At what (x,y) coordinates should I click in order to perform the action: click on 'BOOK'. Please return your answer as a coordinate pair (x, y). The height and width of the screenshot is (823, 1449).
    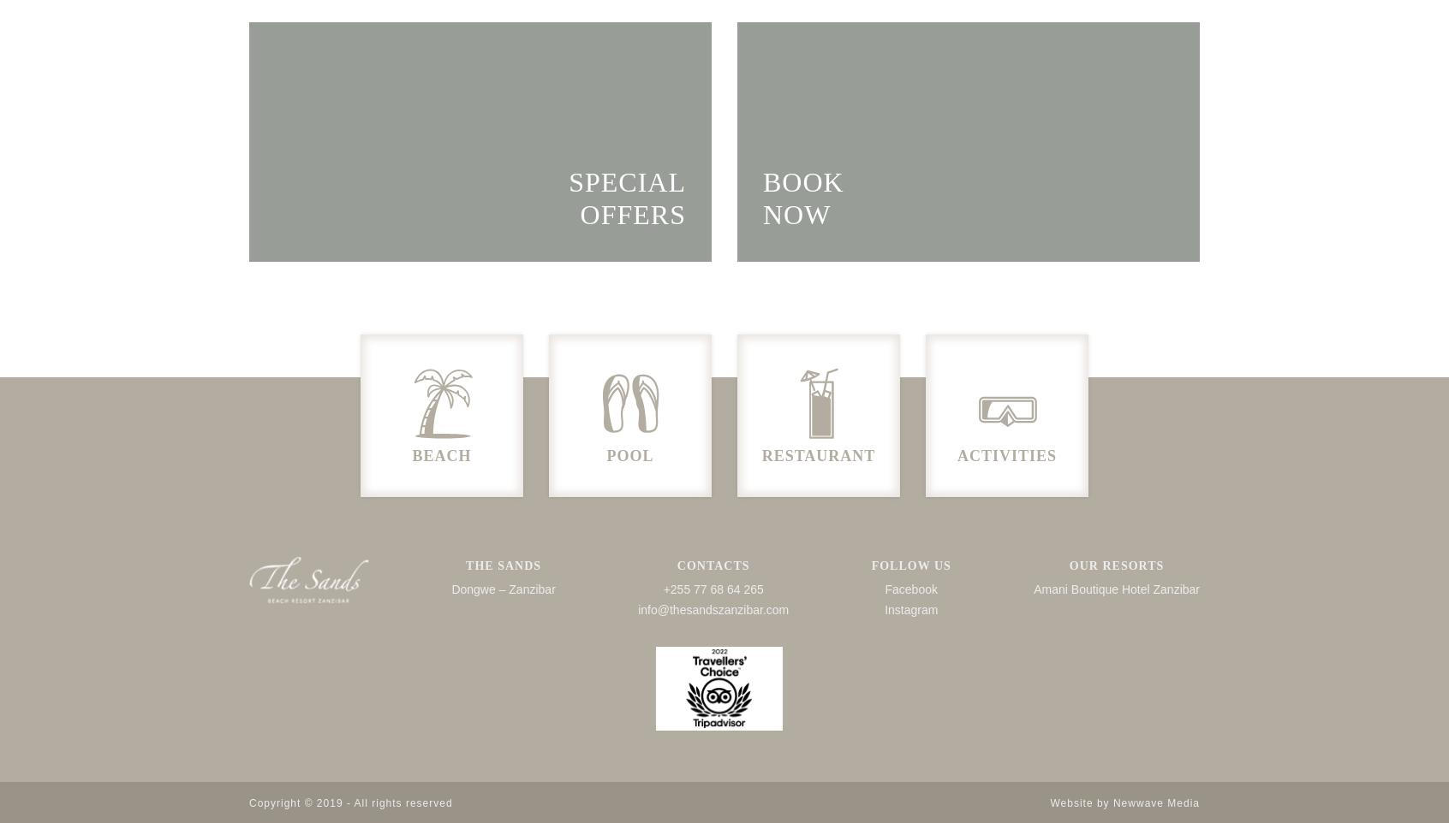
    Looking at the image, I should click on (803, 181).